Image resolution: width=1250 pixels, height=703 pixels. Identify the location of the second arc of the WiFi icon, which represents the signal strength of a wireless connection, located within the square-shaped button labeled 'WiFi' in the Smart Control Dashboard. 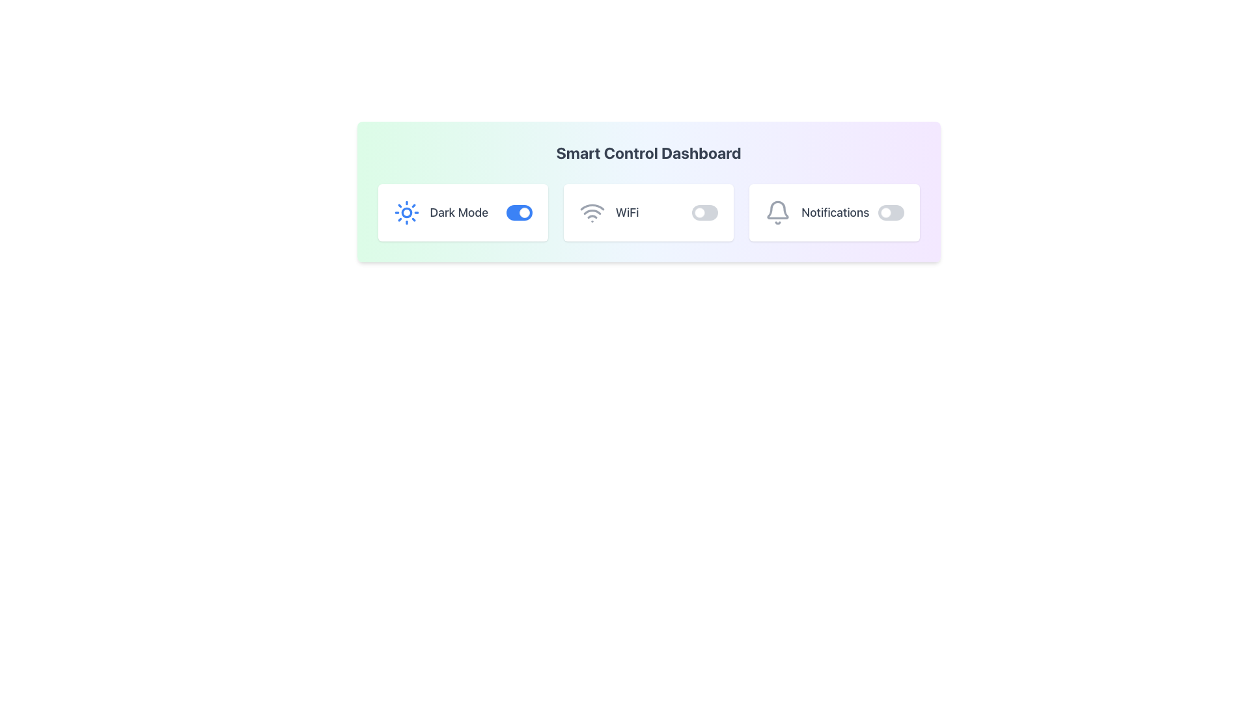
(591, 206).